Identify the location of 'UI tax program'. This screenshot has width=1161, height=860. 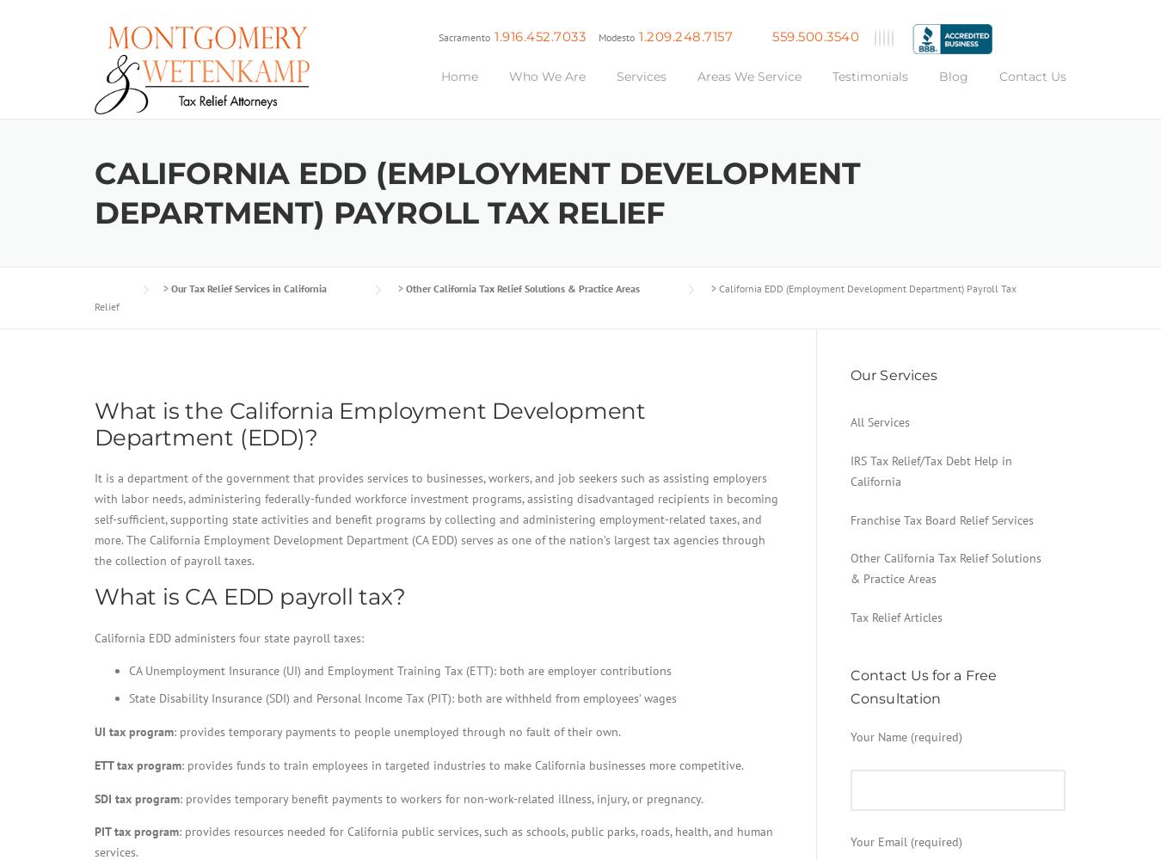
(134, 731).